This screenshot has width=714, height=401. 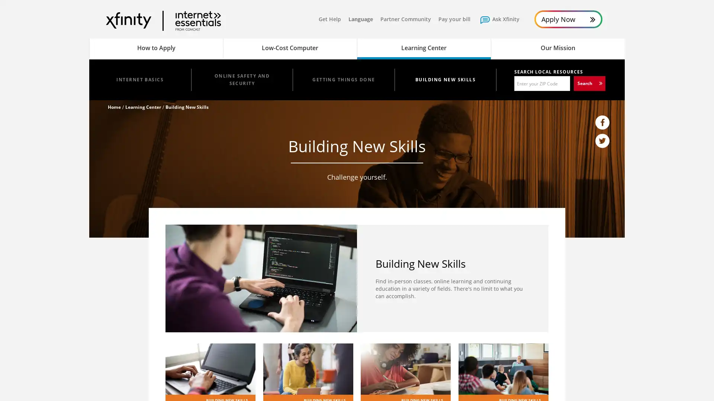 I want to click on Search, so click(x=589, y=82).